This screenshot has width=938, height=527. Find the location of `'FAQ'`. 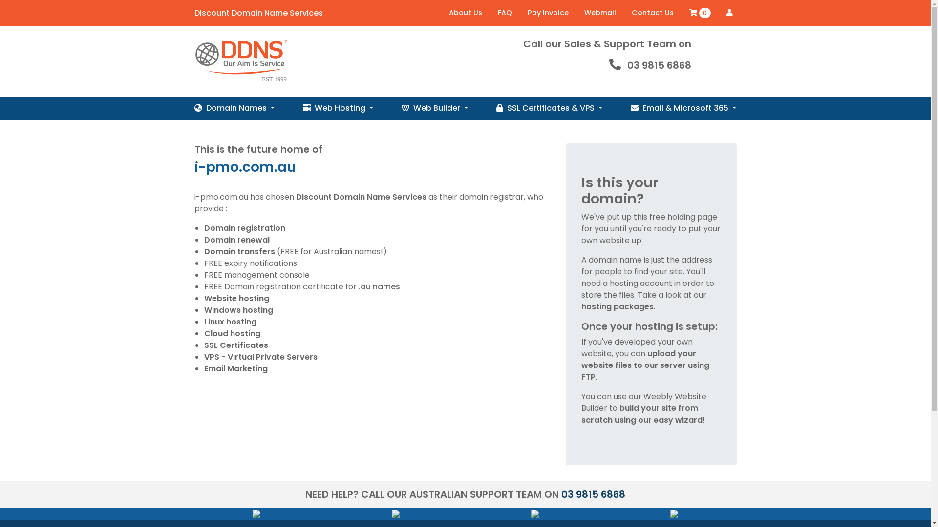

'FAQ' is located at coordinates (504, 13).